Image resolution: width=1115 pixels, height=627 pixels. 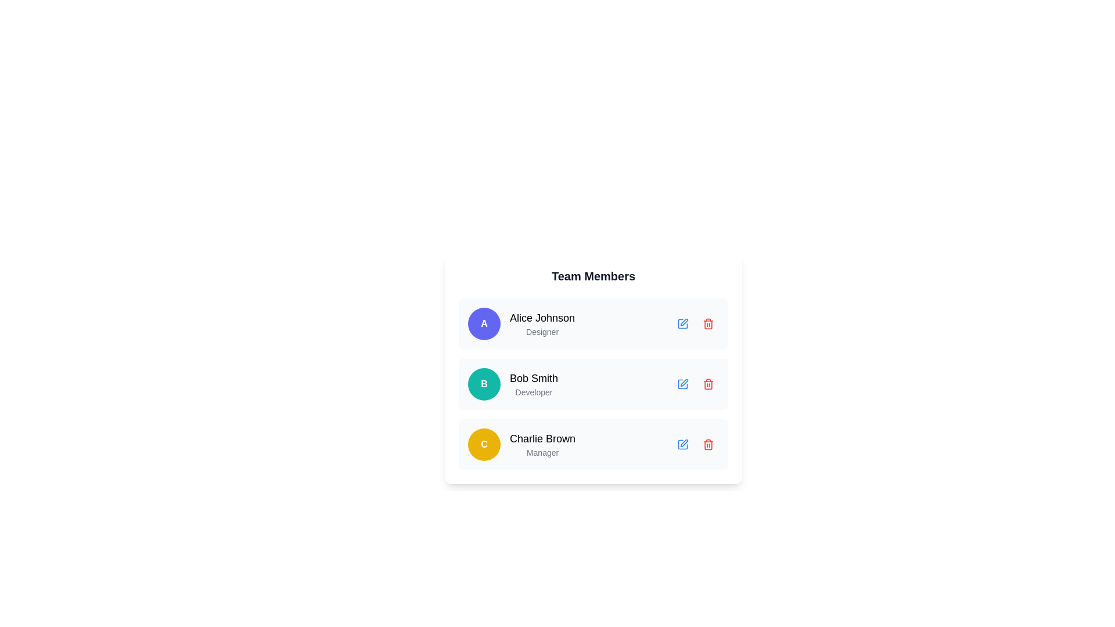 I want to click on name of the team member displayed in the text label located in the first entry under the 'Team Members' heading, which is positioned slightly right of the circular icon with the letter 'A', so click(x=542, y=318).